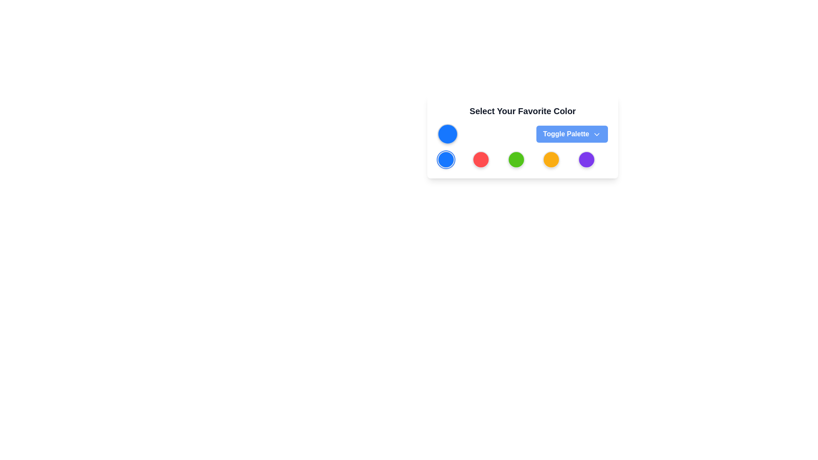 The image size is (818, 460). I want to click on the chevron icon located on the right side of the 'Toggle Palette' button, which reveals additional options or a dropdown menu for color selection, so click(596, 134).